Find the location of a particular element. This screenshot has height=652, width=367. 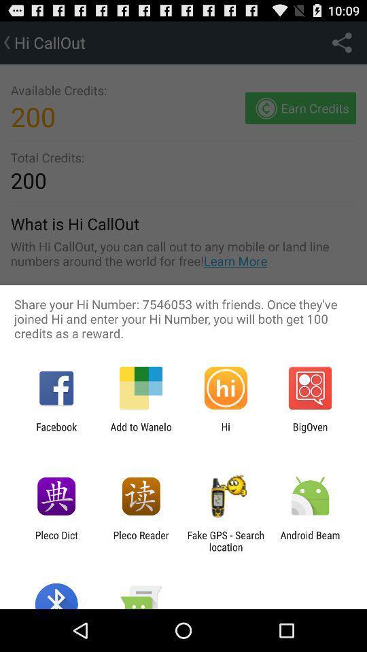

the item next to the fake gps search app is located at coordinates (310, 541).